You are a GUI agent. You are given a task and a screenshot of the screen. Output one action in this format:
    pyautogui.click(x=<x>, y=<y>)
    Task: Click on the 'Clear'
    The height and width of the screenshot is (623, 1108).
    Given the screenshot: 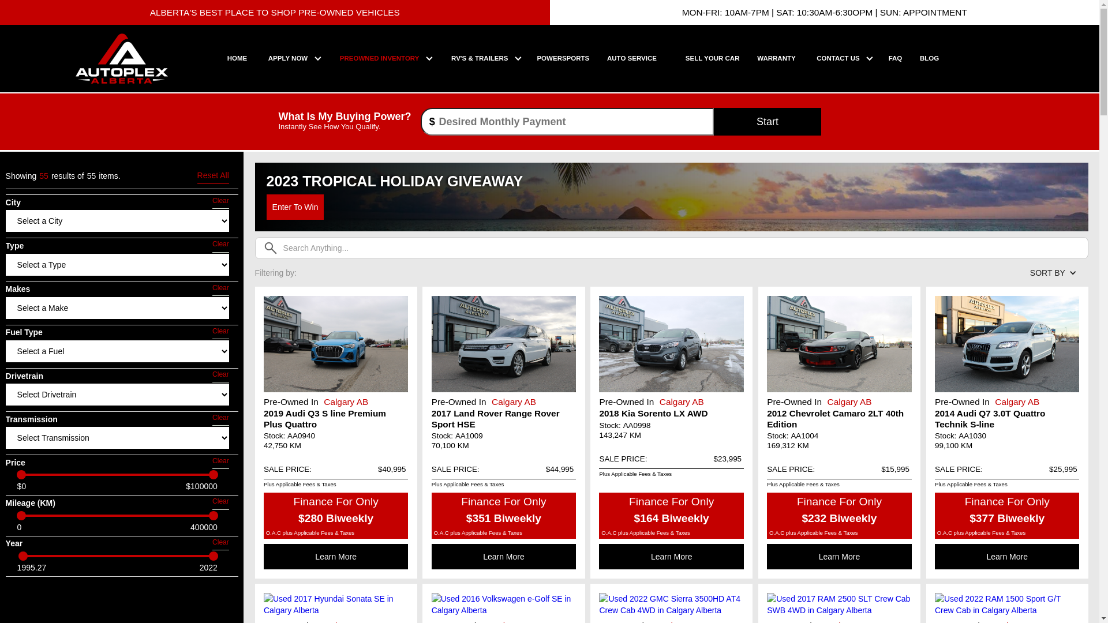 What is the action you would take?
    pyautogui.click(x=220, y=244)
    